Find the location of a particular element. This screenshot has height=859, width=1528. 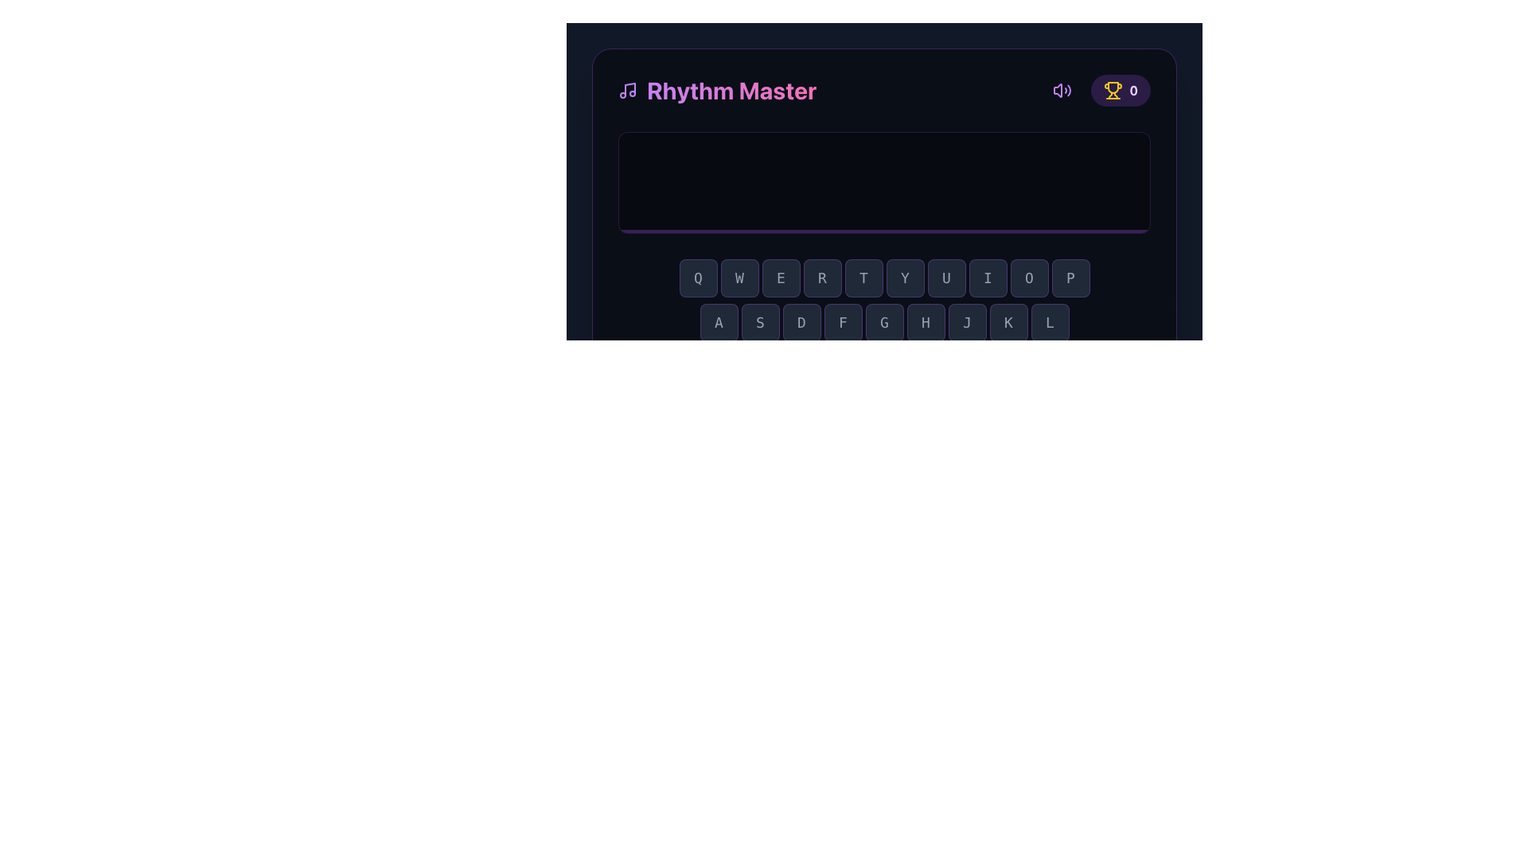

the virtual keyboard button representing the letter 'G' to input the character 'G.' is located at coordinates (883, 322).